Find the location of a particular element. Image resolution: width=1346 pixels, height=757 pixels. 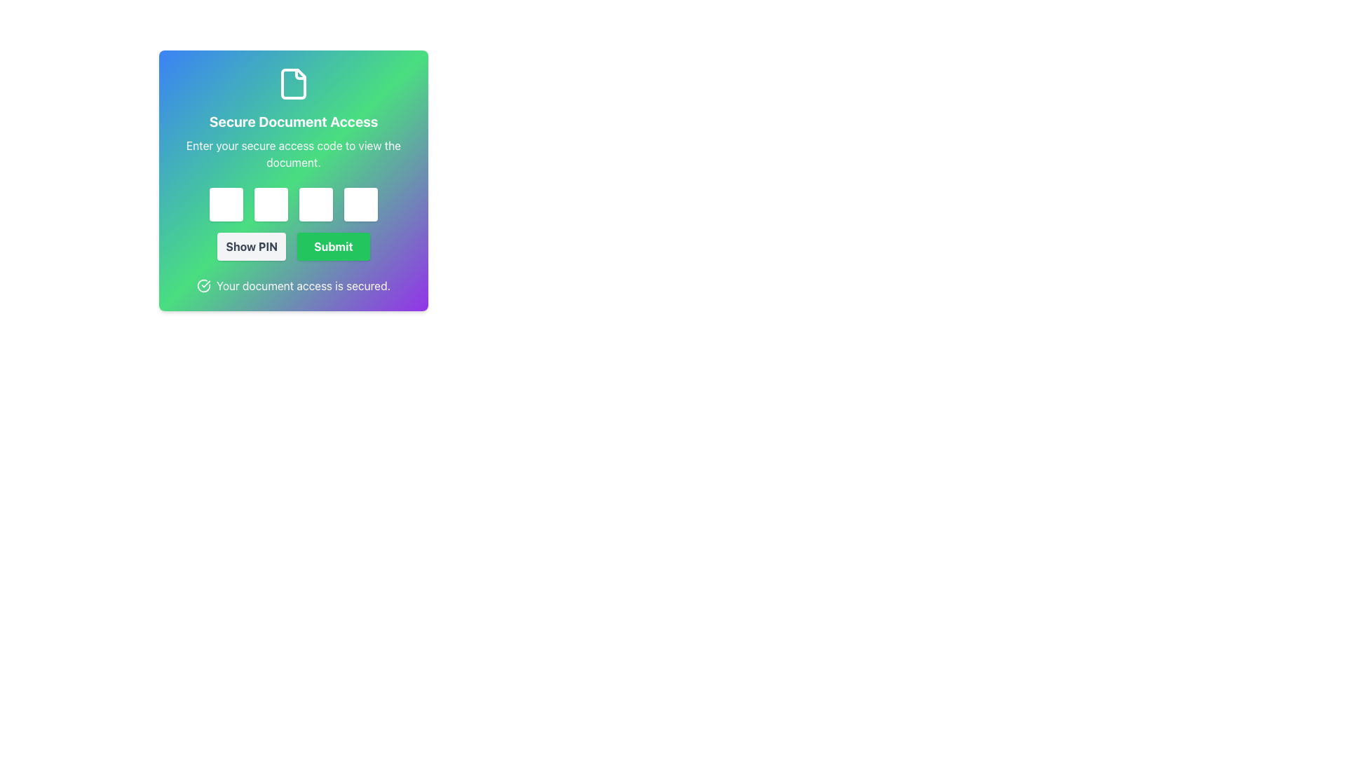

the decorative circular checkmark icon located in the bottom-left section of the colored panel is located at coordinates (203, 285).